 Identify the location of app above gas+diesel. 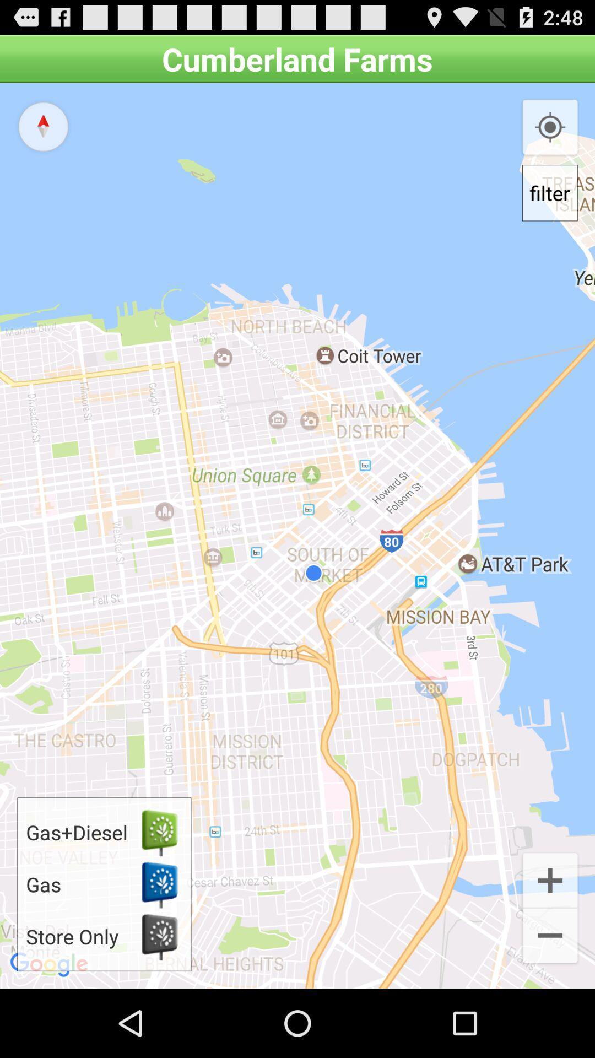
(42, 126).